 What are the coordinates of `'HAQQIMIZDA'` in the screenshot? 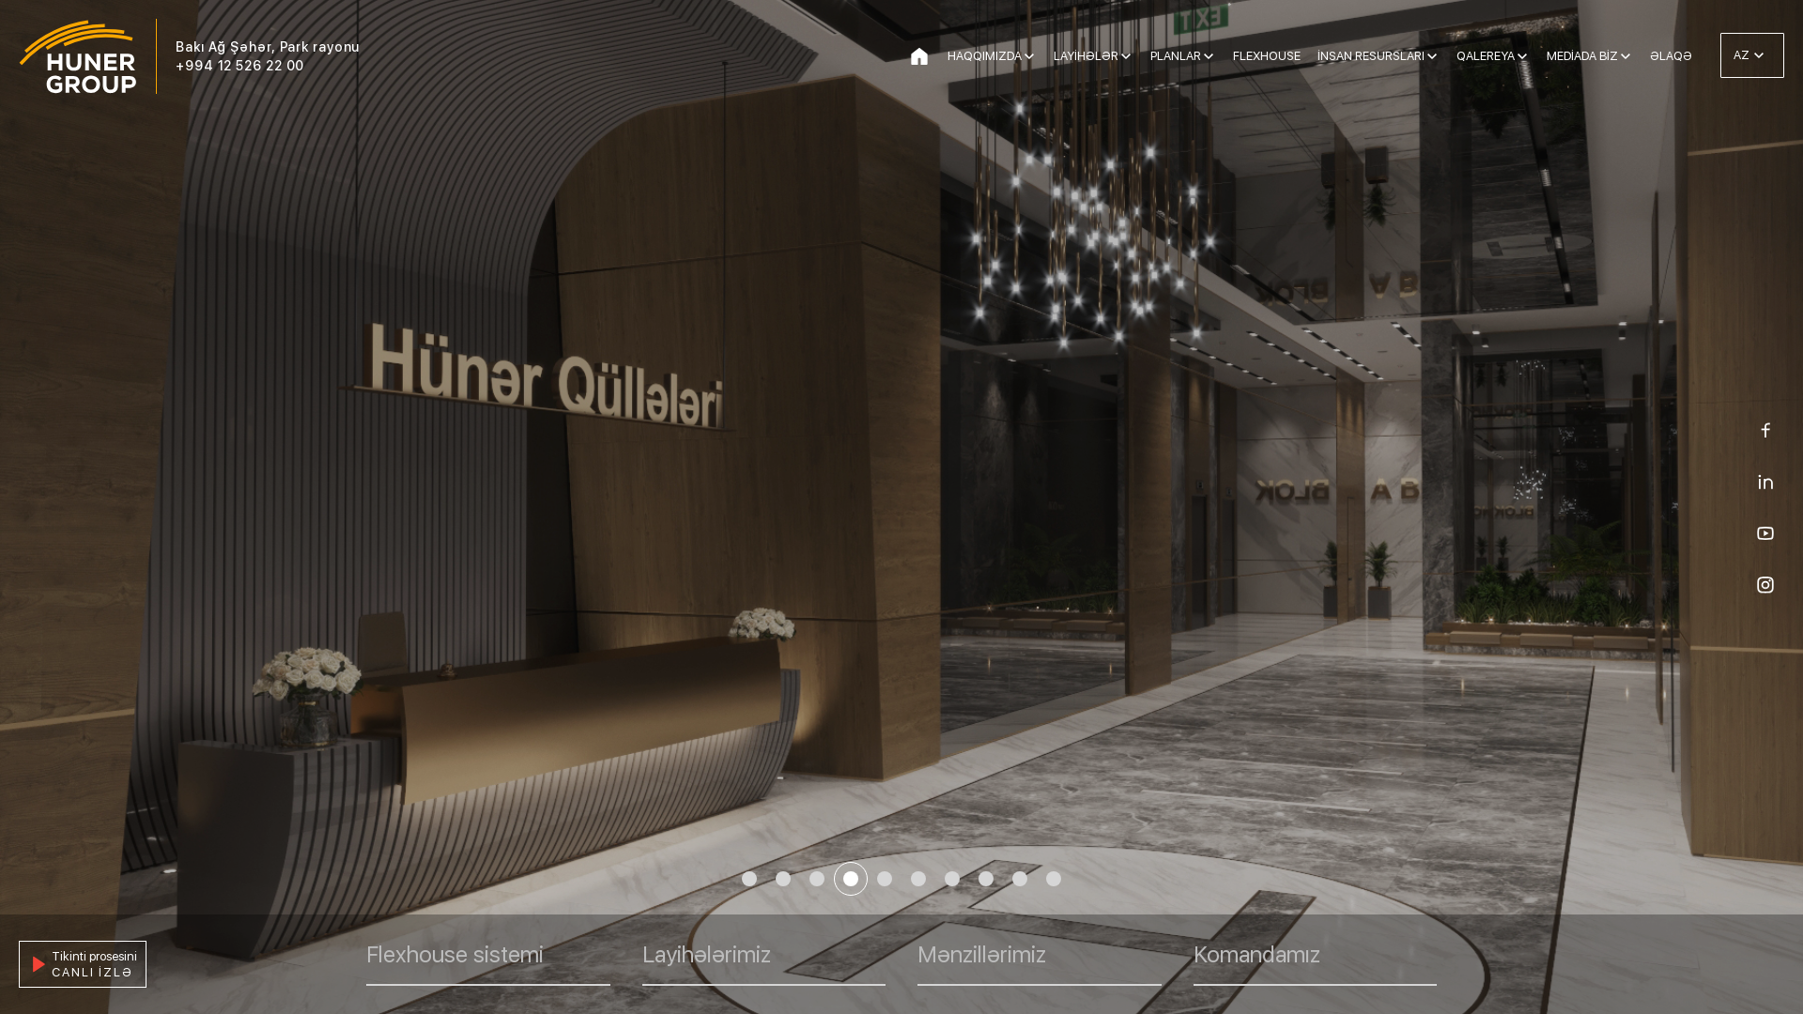 It's located at (947, 55).